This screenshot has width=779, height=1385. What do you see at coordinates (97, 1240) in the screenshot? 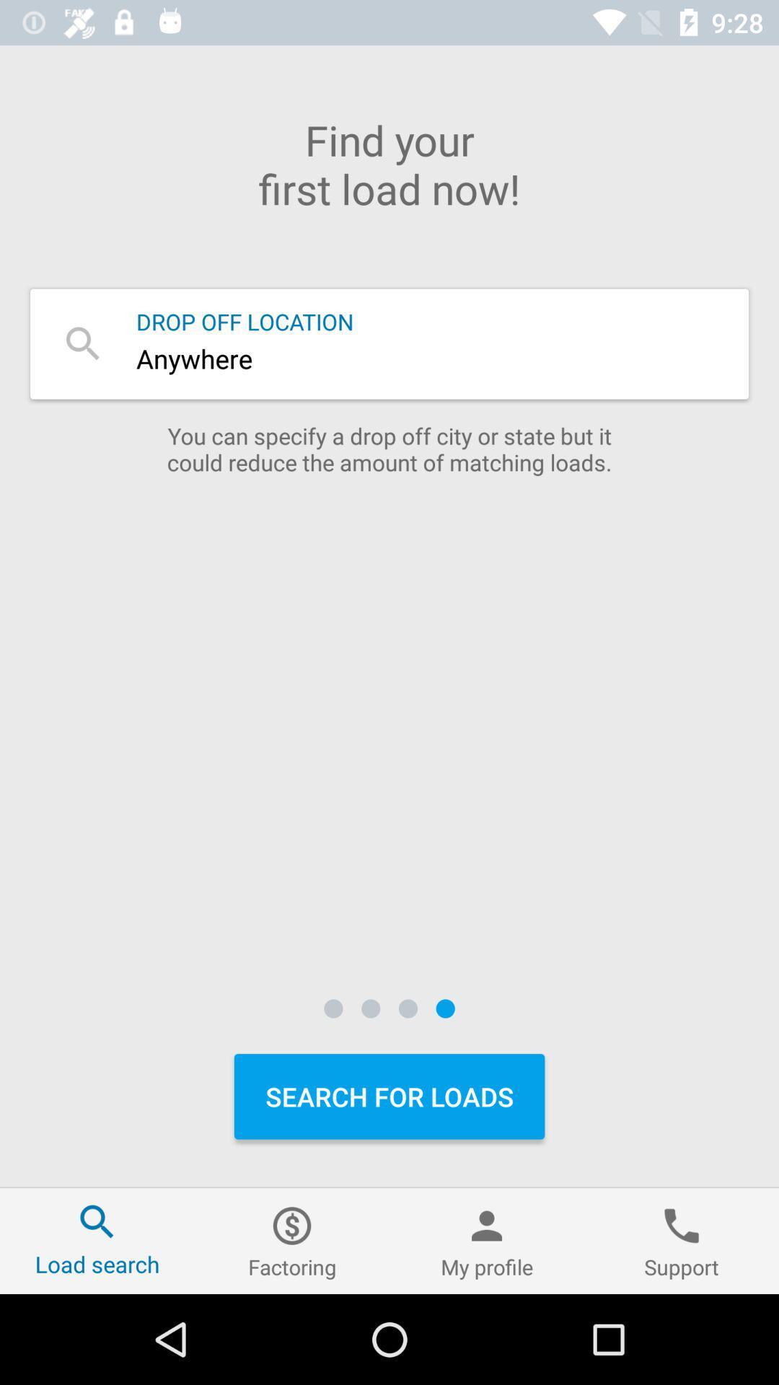
I see `the item to the left of the factoring item` at bounding box center [97, 1240].